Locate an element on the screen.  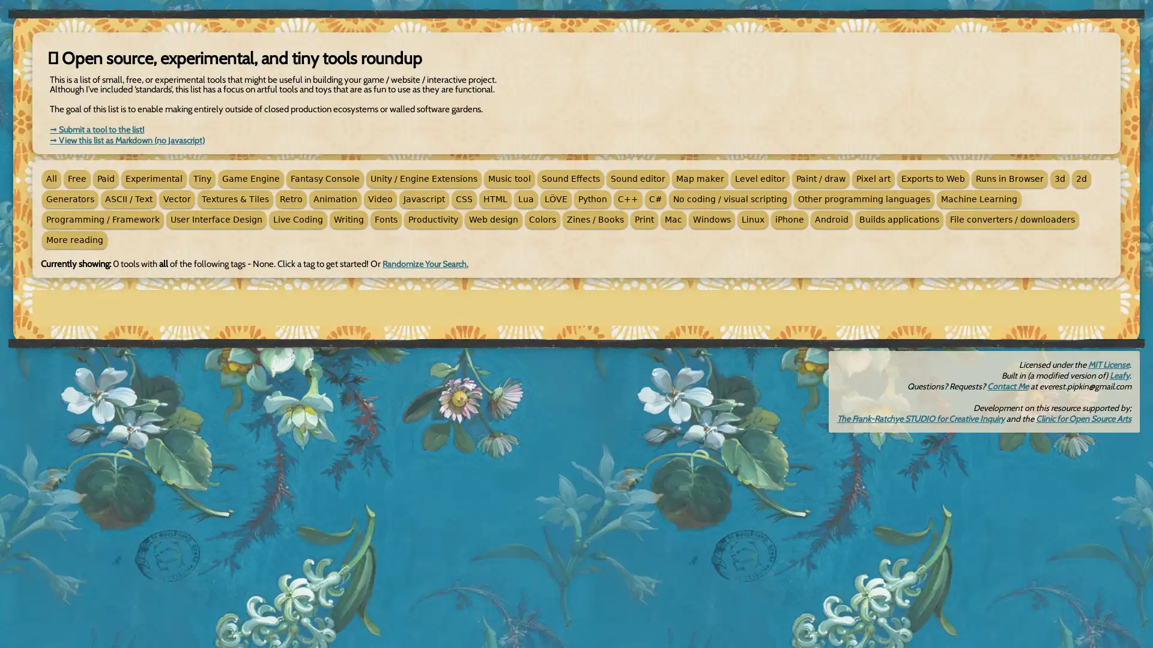
Colors is located at coordinates (542, 220).